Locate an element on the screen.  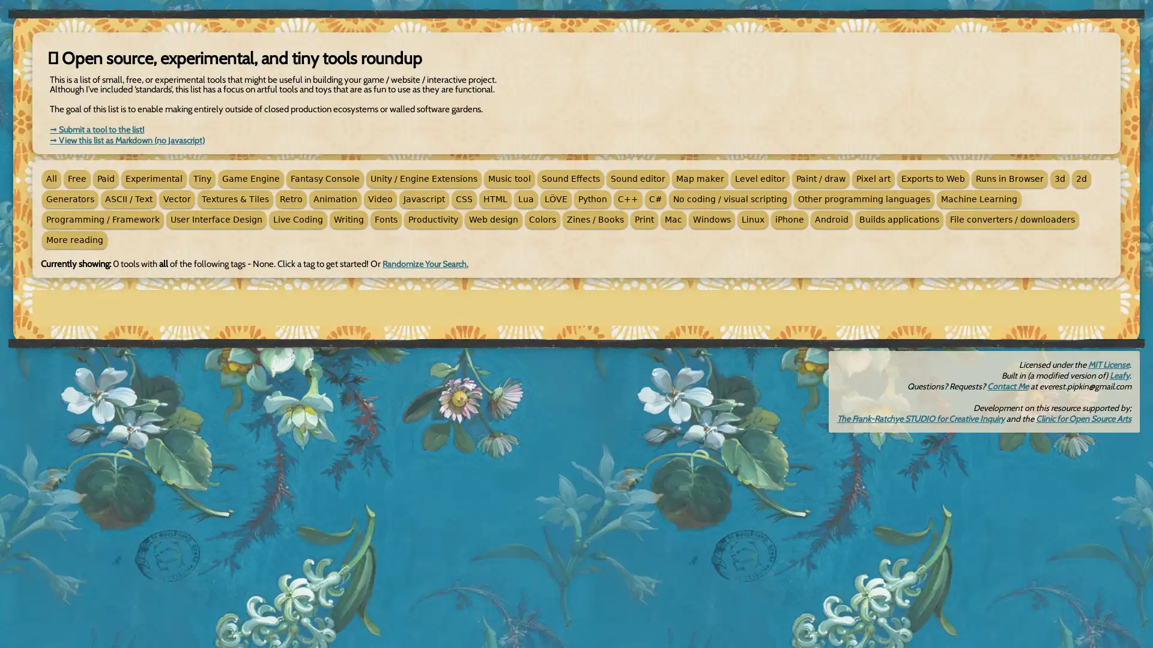
Colors is located at coordinates (542, 220).